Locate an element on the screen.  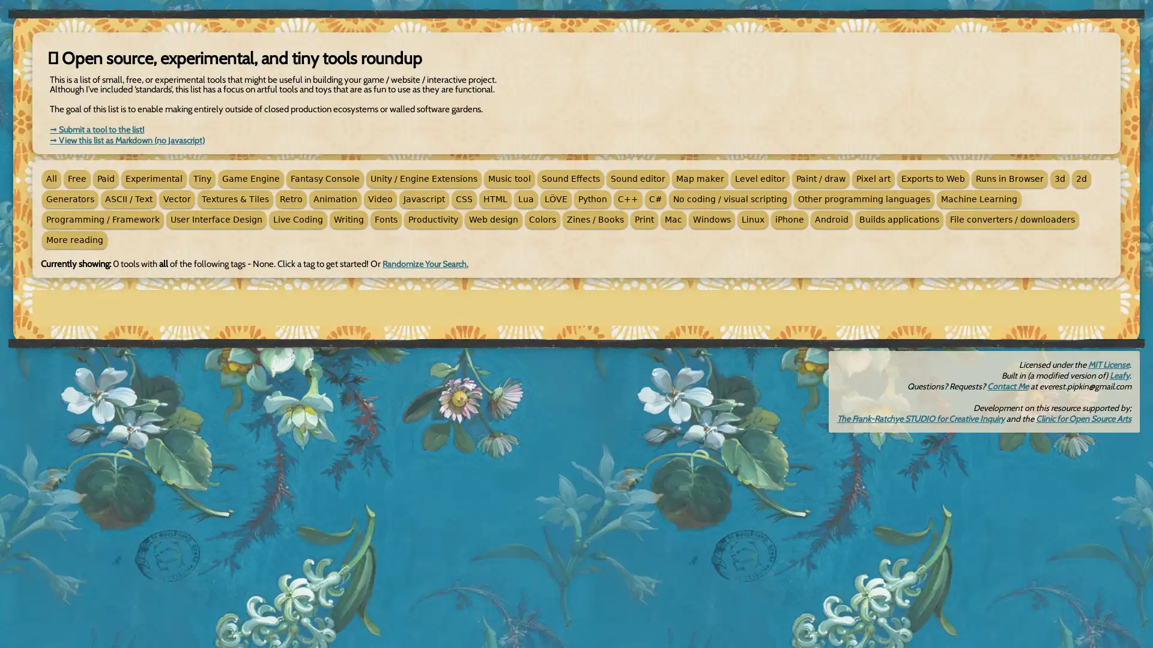
Colors is located at coordinates (542, 220).